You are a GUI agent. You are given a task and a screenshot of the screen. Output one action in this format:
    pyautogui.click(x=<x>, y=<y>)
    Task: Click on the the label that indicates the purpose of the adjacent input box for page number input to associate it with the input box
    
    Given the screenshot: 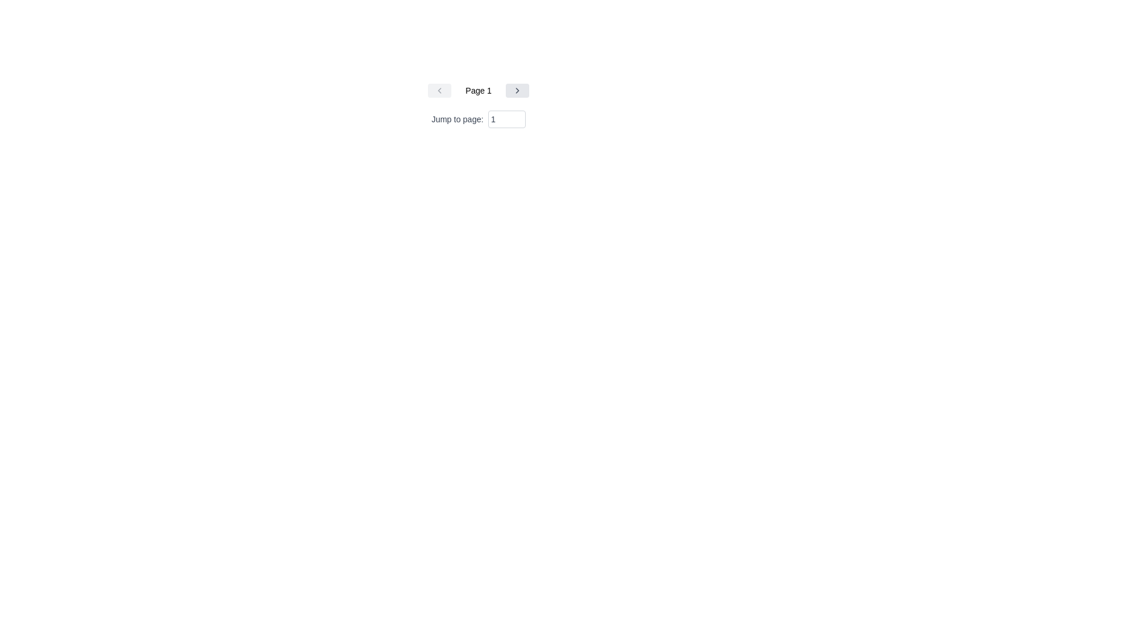 What is the action you would take?
    pyautogui.click(x=478, y=119)
    